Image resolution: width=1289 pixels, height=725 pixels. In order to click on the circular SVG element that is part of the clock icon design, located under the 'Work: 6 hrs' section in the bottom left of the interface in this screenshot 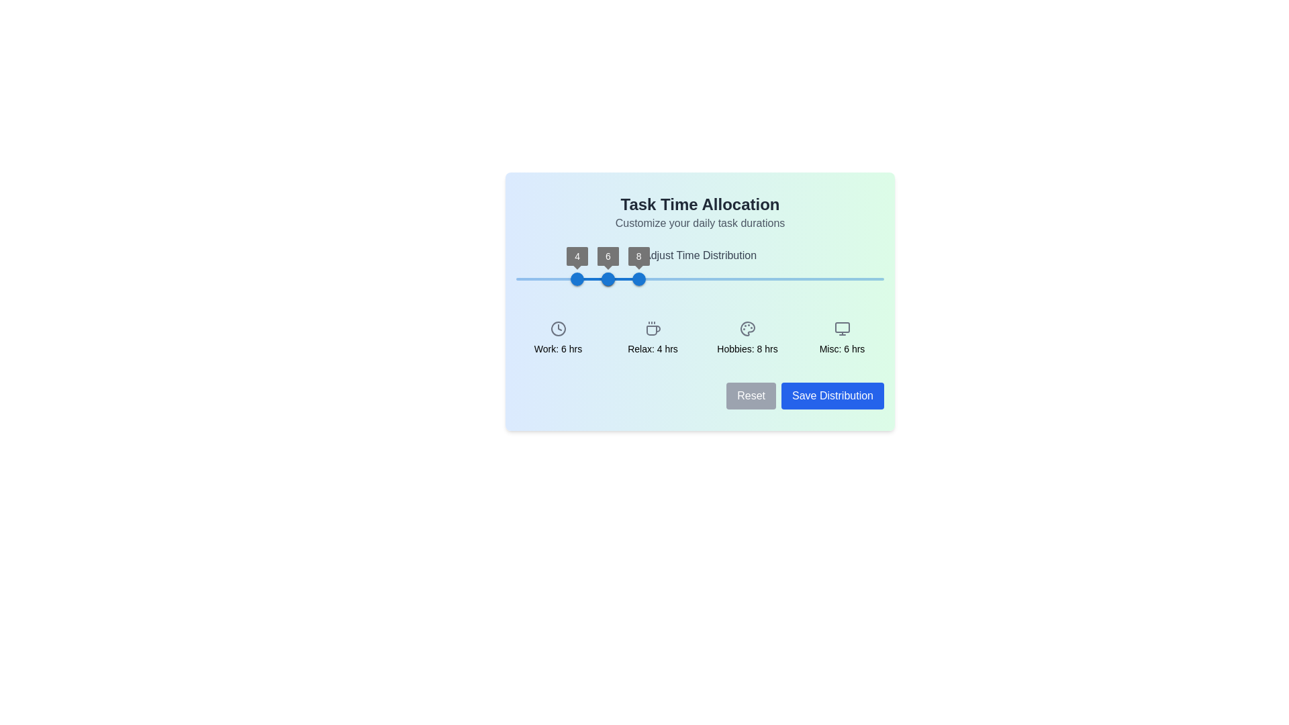, I will do `click(558, 328)`.